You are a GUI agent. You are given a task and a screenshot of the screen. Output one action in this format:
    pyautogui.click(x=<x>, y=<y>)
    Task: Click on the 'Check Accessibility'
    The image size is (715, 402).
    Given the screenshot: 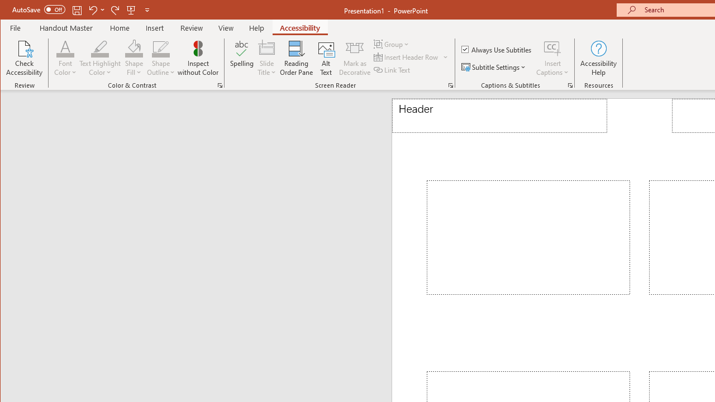 What is the action you would take?
    pyautogui.click(x=25, y=58)
    